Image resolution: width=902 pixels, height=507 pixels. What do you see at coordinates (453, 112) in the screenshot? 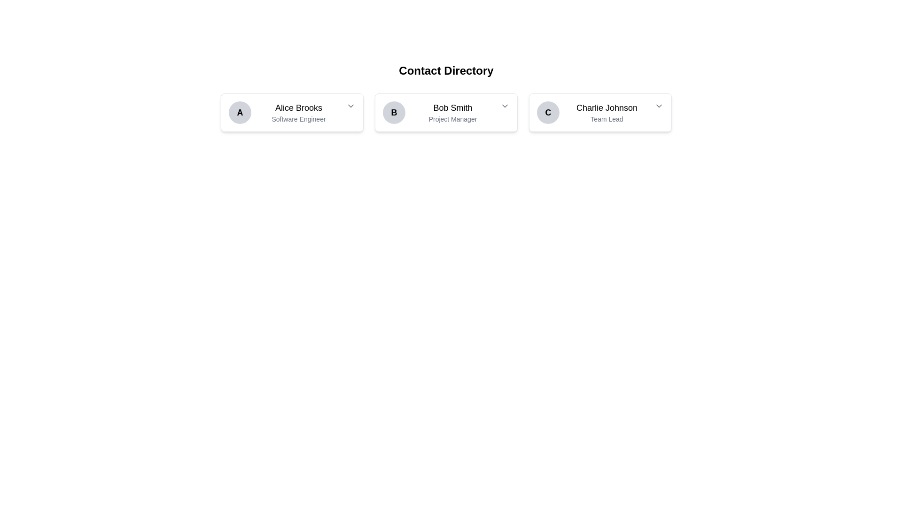
I see `the text block displaying 'Bob Smith' in the second profile card` at bounding box center [453, 112].